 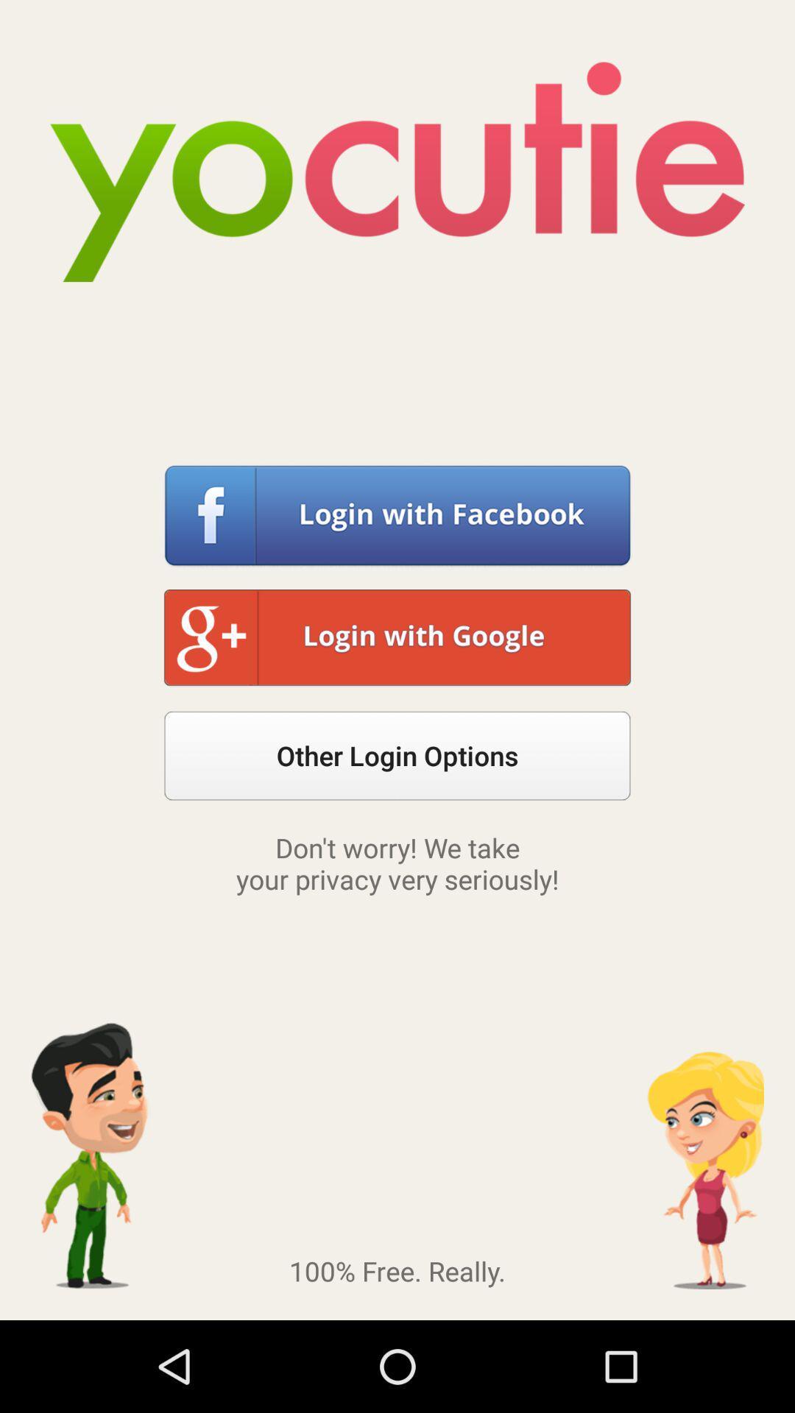 What do you see at coordinates (397, 756) in the screenshot?
I see `icon above the don t worry icon` at bounding box center [397, 756].